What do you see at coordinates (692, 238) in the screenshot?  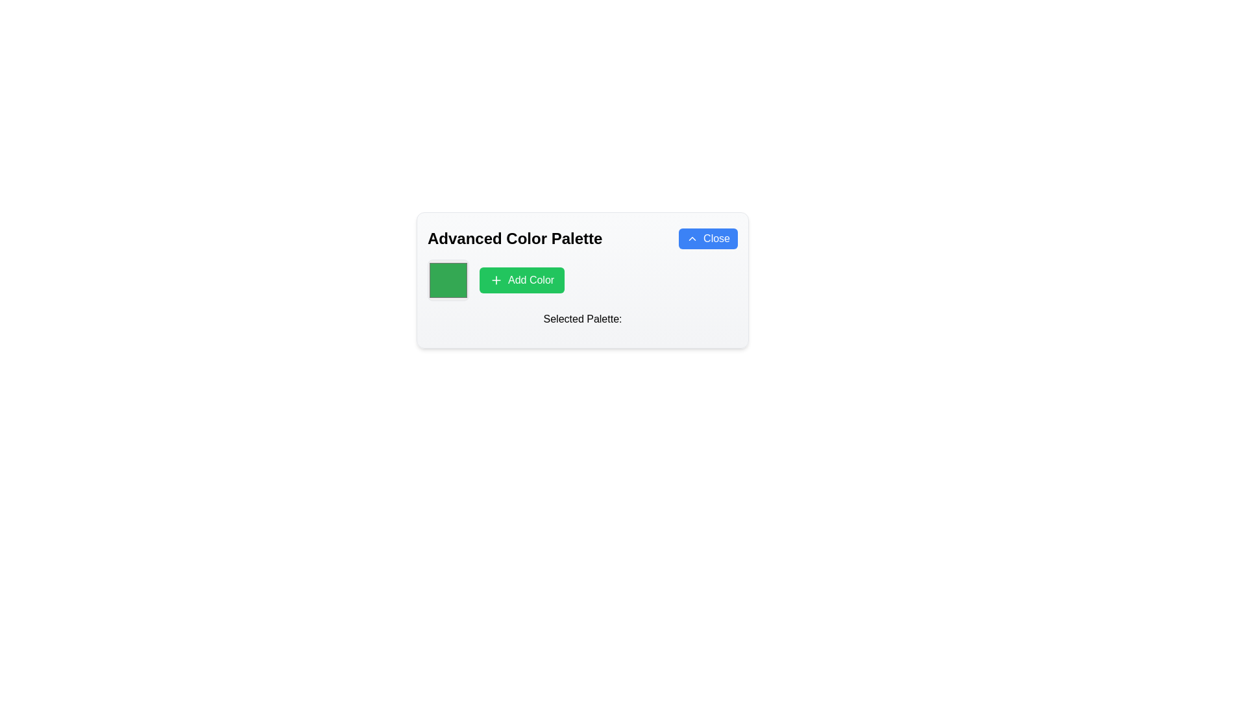 I see `the decorative icon within the blue 'Close' button located at the top-right corner of the main panel` at bounding box center [692, 238].